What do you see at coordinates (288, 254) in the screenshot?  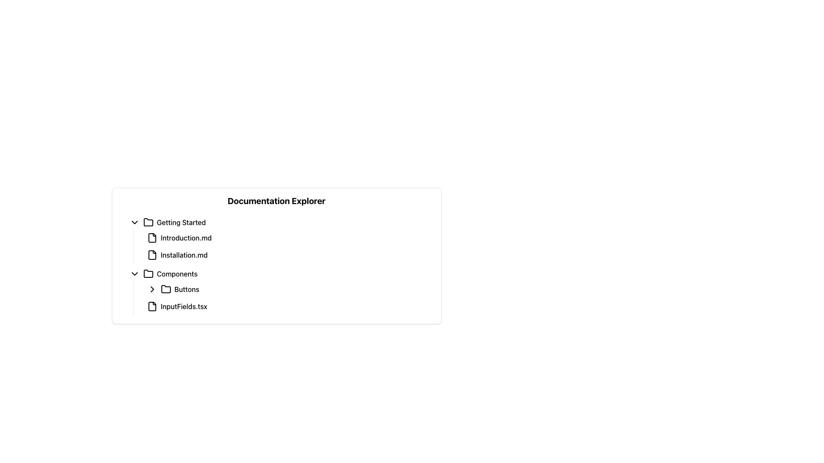 I see `the 'Installation.md' clickable list item` at bounding box center [288, 254].